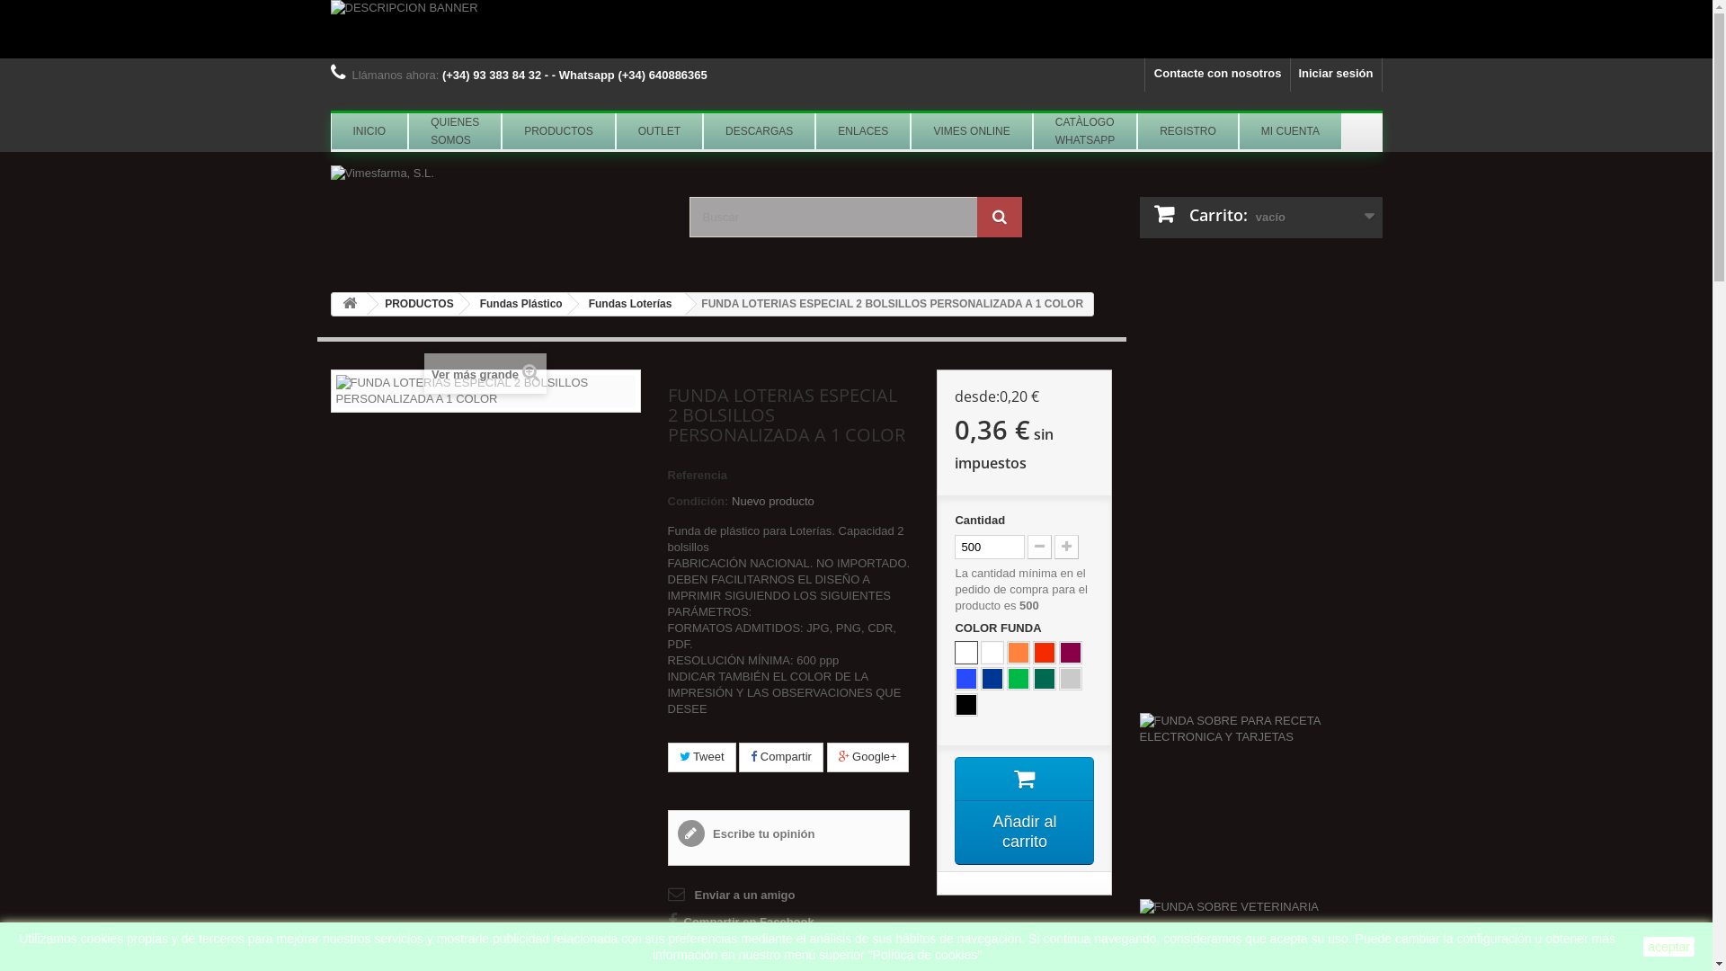  What do you see at coordinates (740, 922) in the screenshot?
I see `'Compartir en Facebook'` at bounding box center [740, 922].